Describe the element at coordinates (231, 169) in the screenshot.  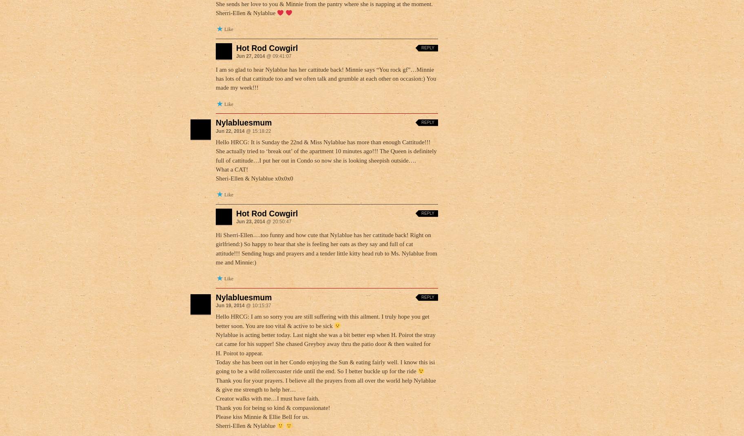
I see `'What a CAT!'` at that location.